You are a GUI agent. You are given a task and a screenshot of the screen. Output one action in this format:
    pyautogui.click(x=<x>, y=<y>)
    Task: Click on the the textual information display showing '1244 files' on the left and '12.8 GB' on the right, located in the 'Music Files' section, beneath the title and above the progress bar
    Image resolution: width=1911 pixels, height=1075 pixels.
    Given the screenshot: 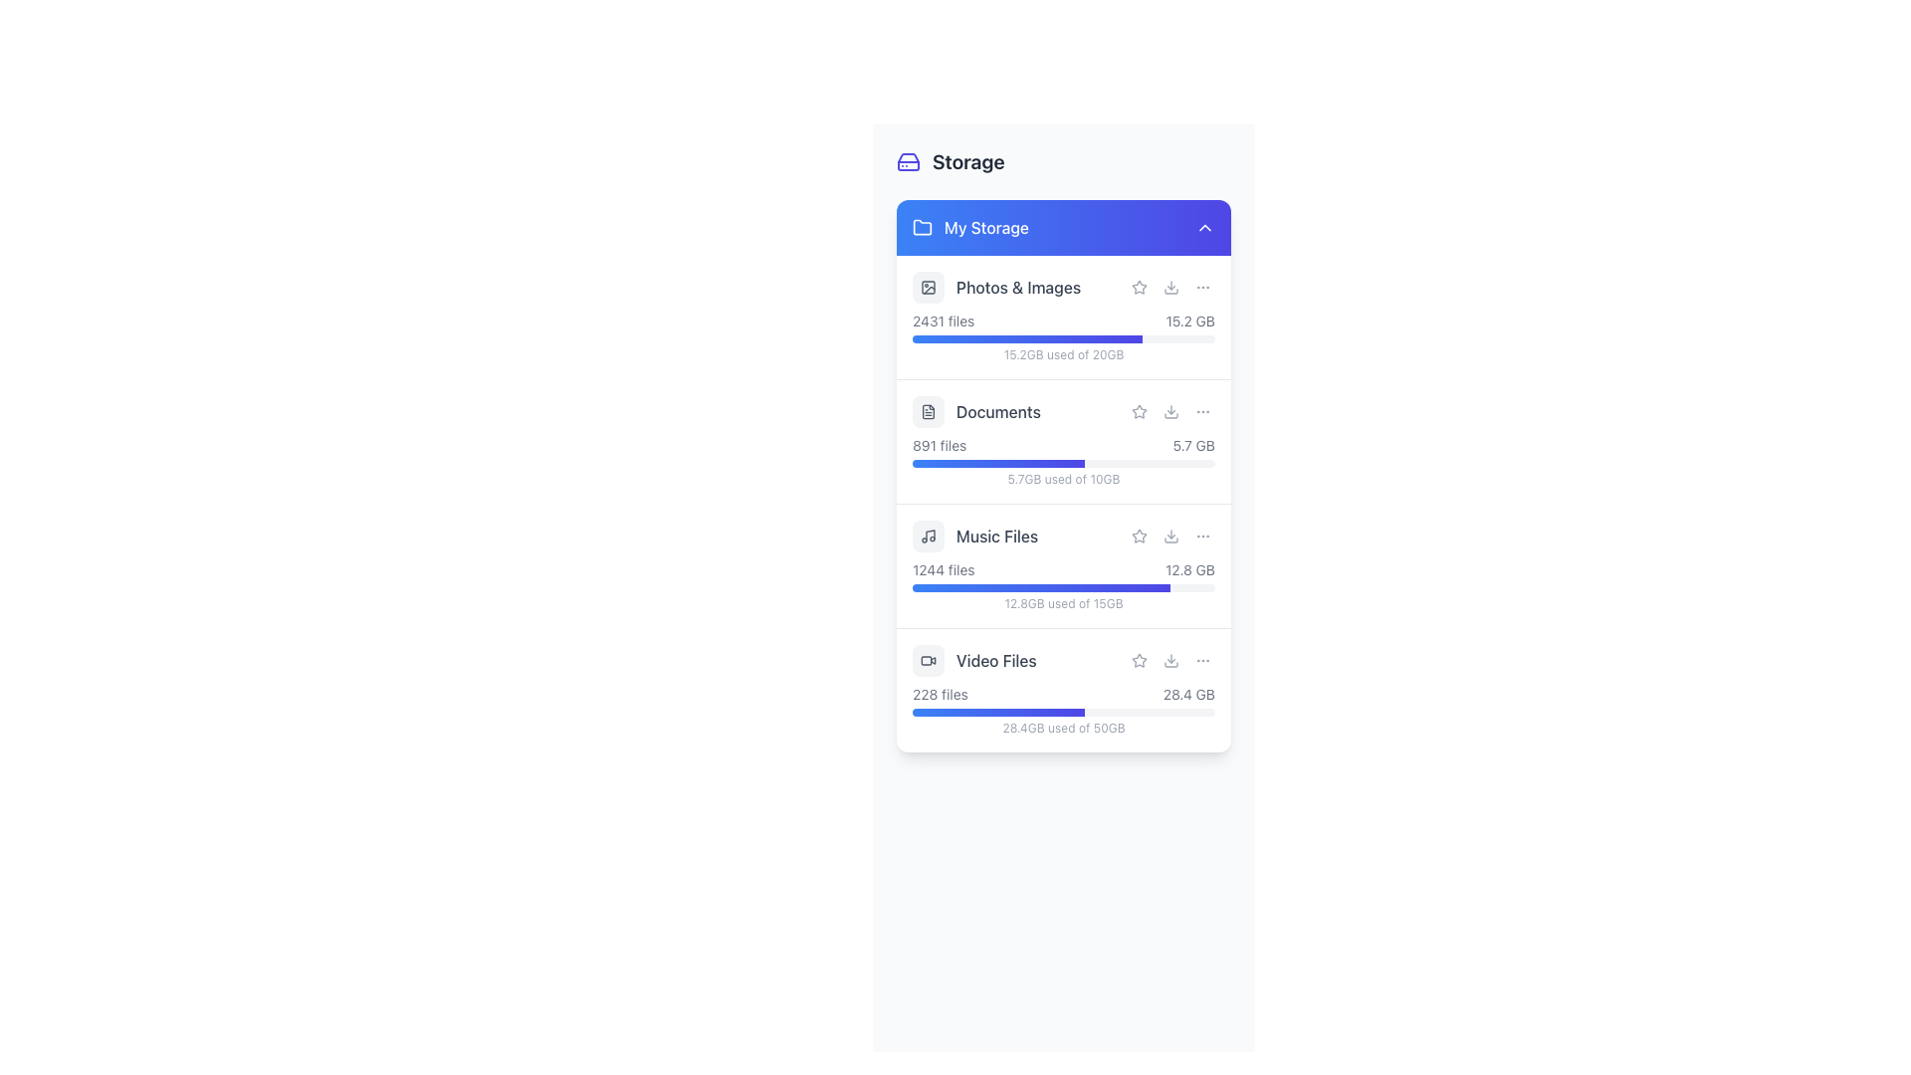 What is the action you would take?
    pyautogui.click(x=1063, y=570)
    